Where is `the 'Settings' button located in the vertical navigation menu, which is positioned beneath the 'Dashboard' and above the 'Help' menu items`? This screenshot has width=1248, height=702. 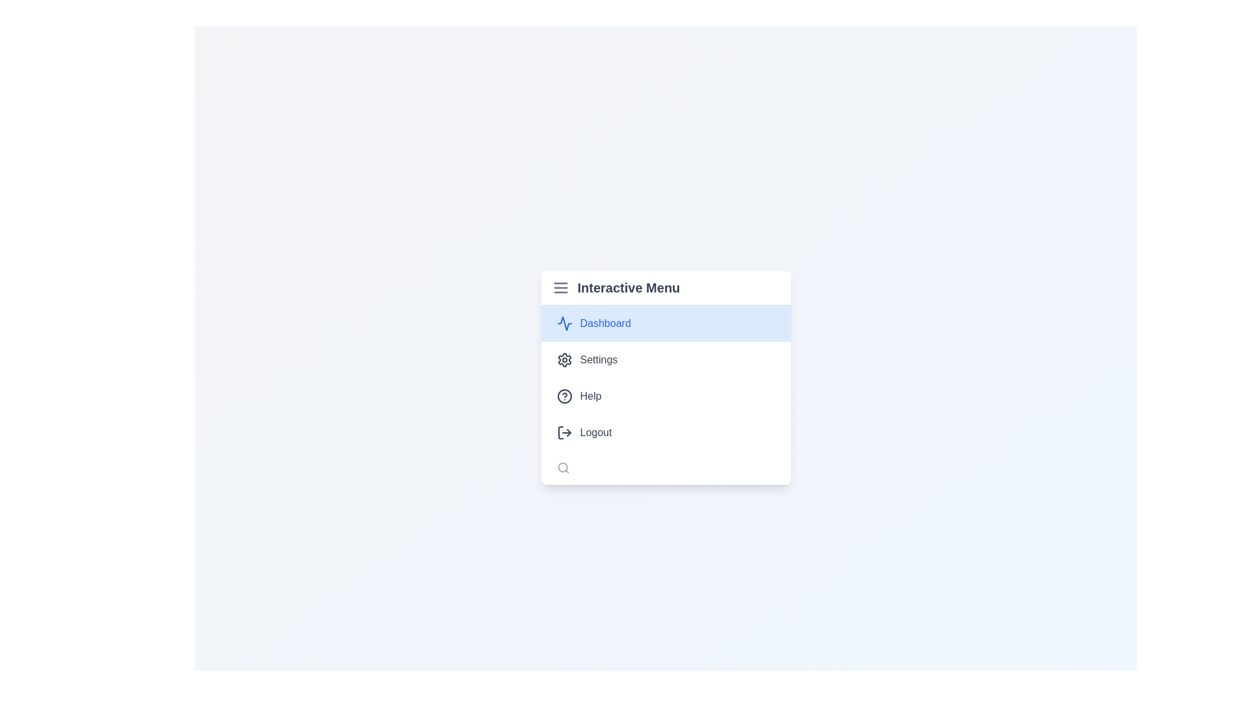 the 'Settings' button located in the vertical navigation menu, which is positioned beneath the 'Dashboard' and above the 'Help' menu items is located at coordinates (666, 359).